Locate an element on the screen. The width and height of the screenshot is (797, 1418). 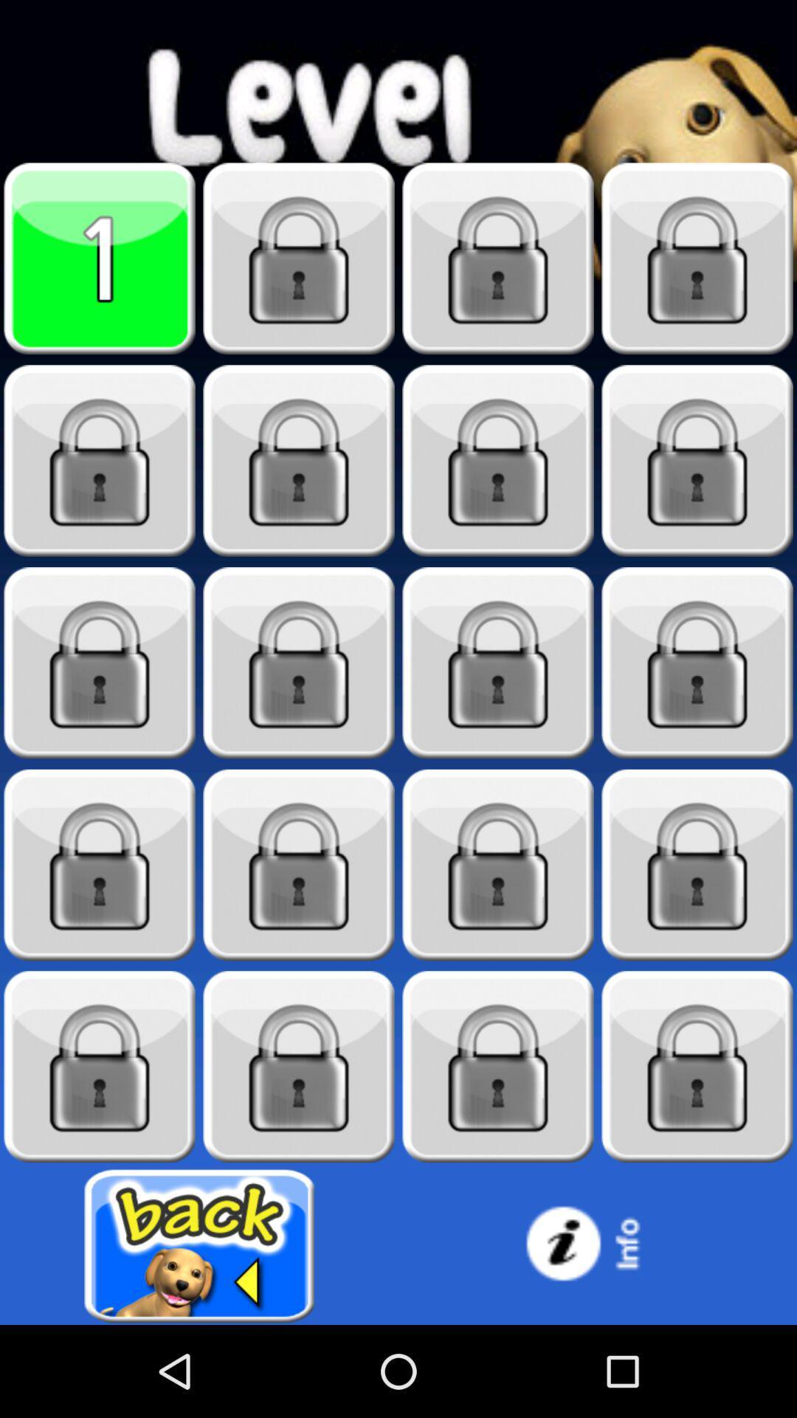
the lock is located at coordinates (299, 662).